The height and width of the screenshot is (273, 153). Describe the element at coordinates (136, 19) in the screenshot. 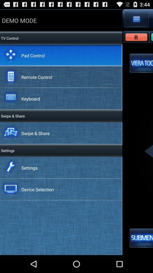

I see `the app to the right of demo mode icon` at that location.